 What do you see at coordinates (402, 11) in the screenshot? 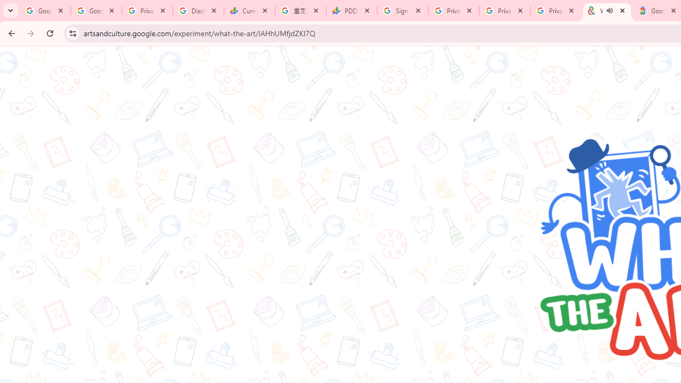
I see `'Sign in - Google Accounts'` at bounding box center [402, 11].